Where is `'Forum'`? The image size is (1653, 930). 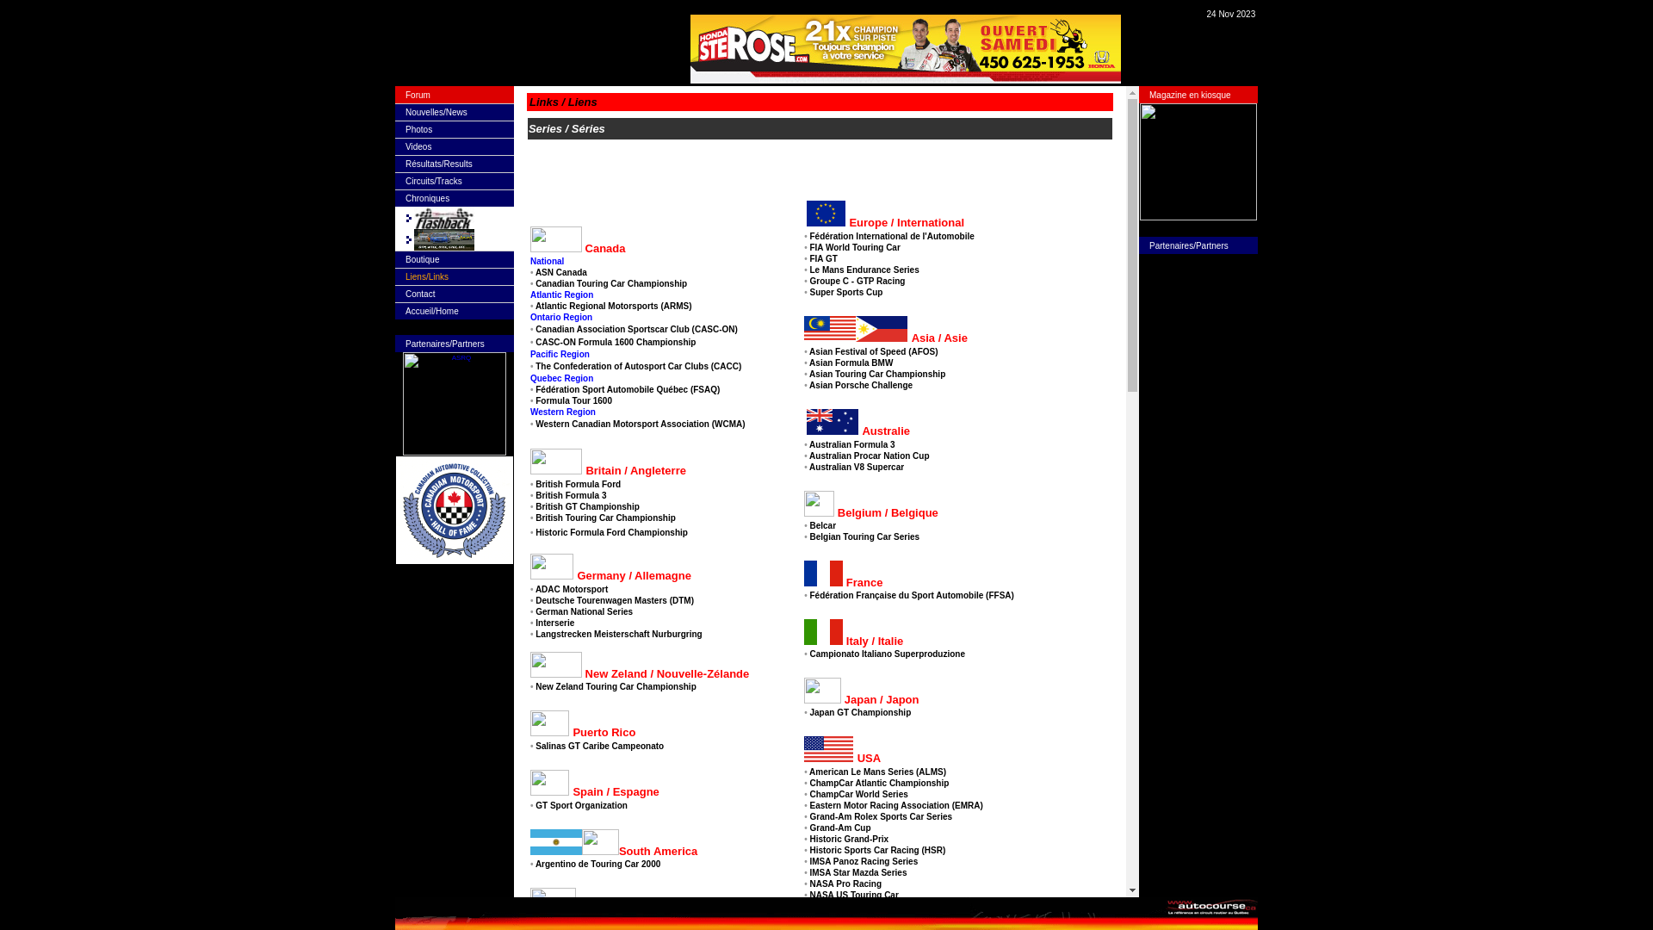 'Forum' is located at coordinates (418, 94).